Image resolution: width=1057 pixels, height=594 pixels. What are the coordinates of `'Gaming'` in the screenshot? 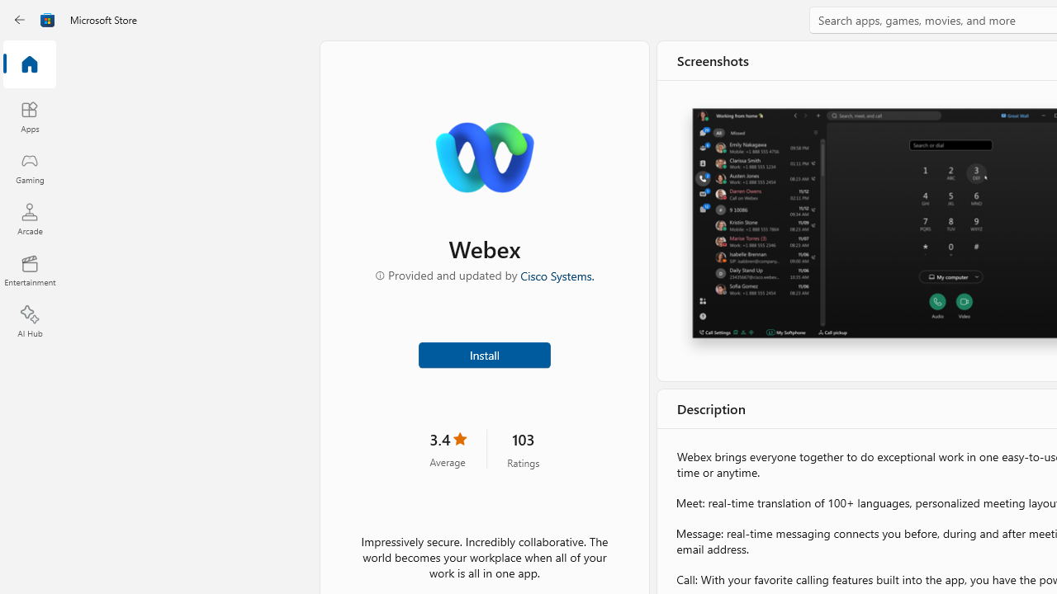 It's located at (29, 167).